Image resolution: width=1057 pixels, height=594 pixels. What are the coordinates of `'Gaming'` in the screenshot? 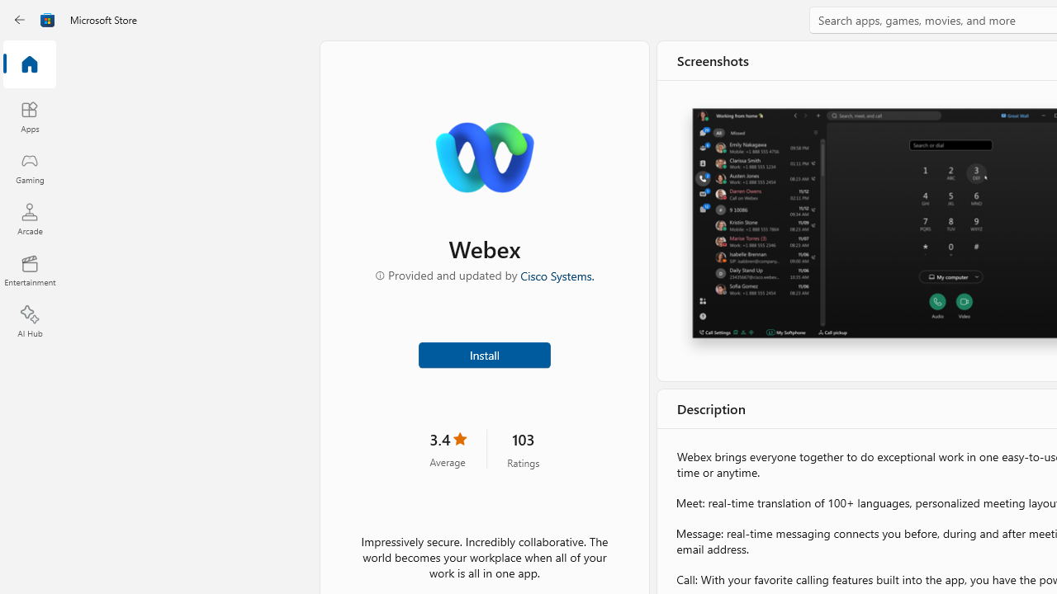 It's located at (29, 167).